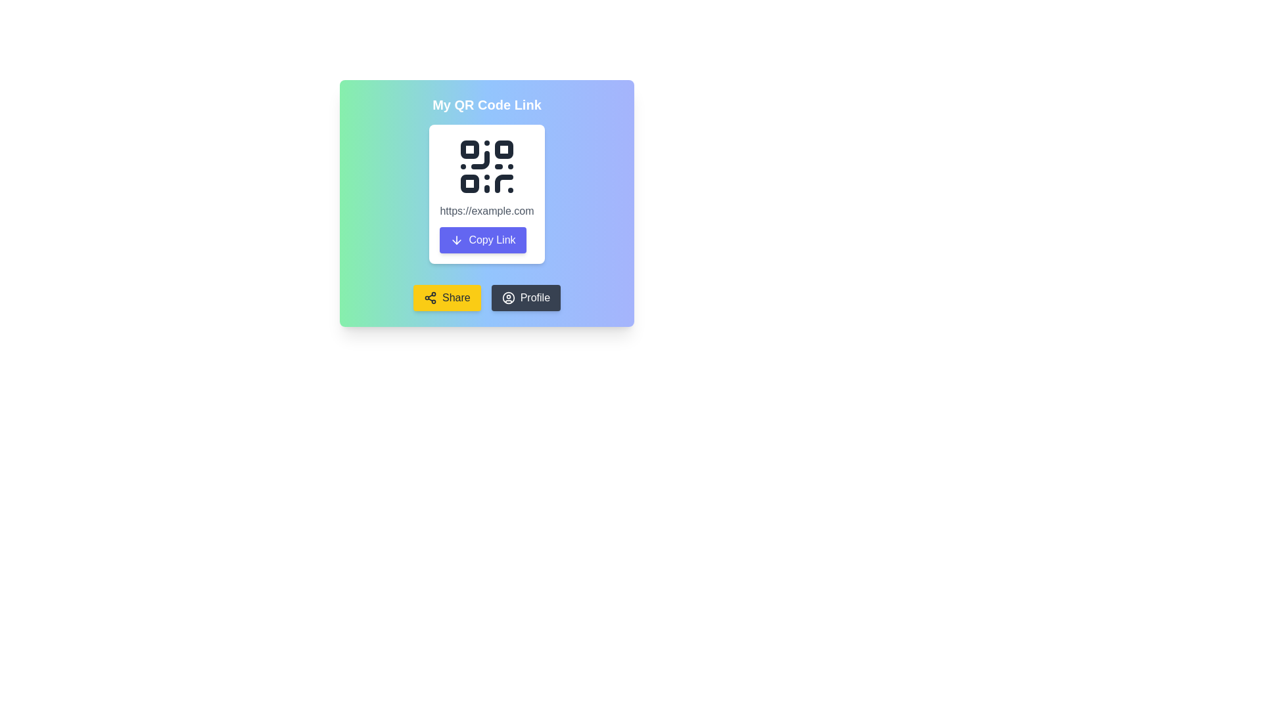 This screenshot has height=709, width=1262. Describe the element at coordinates (526, 298) in the screenshot. I see `the 'Profile' button, which has a dark gray background, white text, and a circular user icon` at that location.